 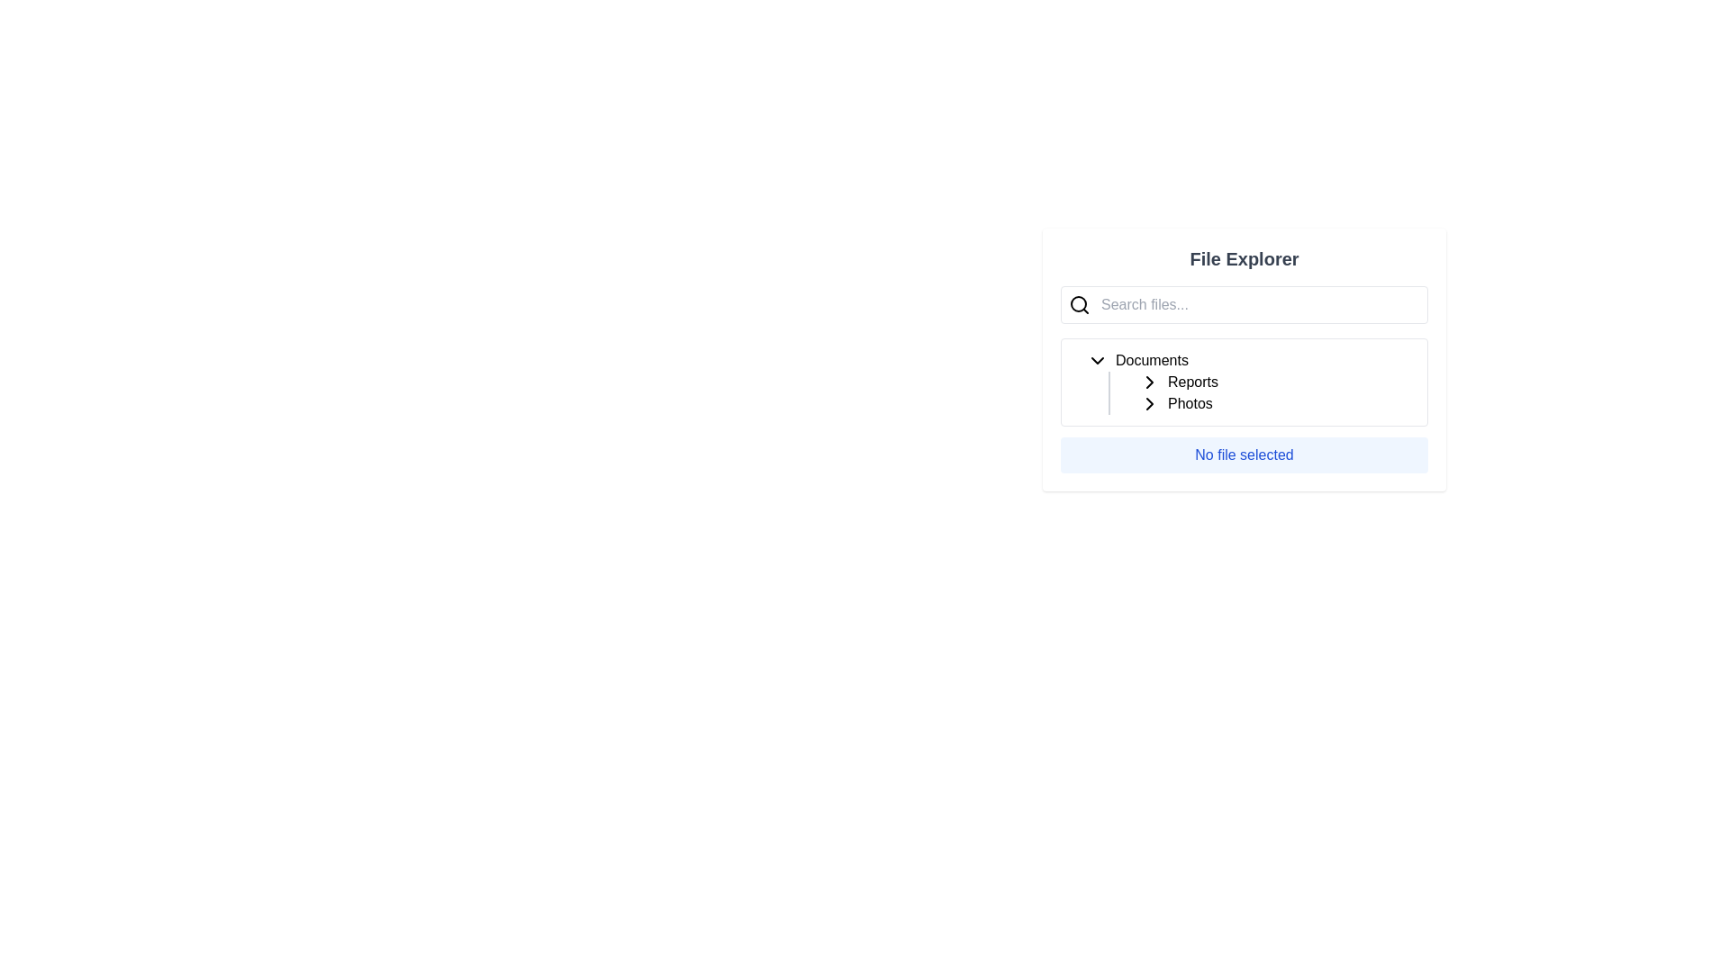 I want to click on the folder collapse/expand icon located to the right of the 'Documents' folder name in the file explorer, so click(x=1148, y=402).